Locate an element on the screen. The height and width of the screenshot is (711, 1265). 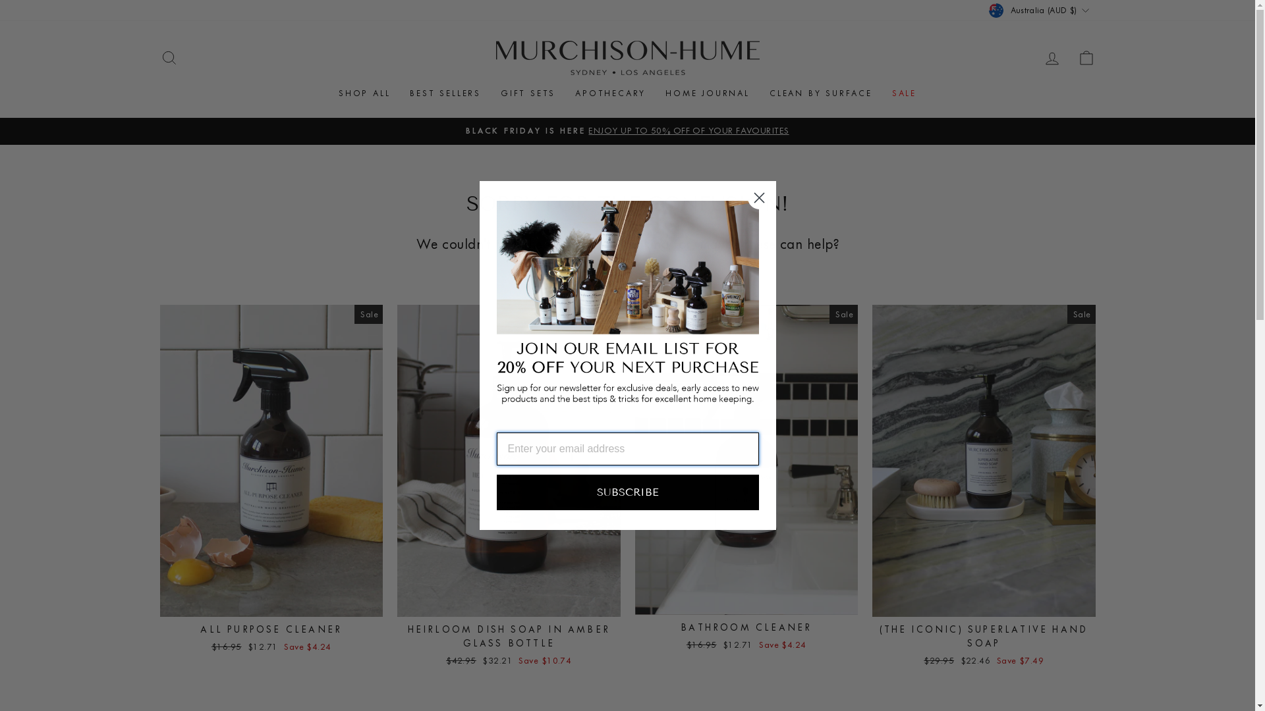
'APOTHECARY' is located at coordinates (565, 92).